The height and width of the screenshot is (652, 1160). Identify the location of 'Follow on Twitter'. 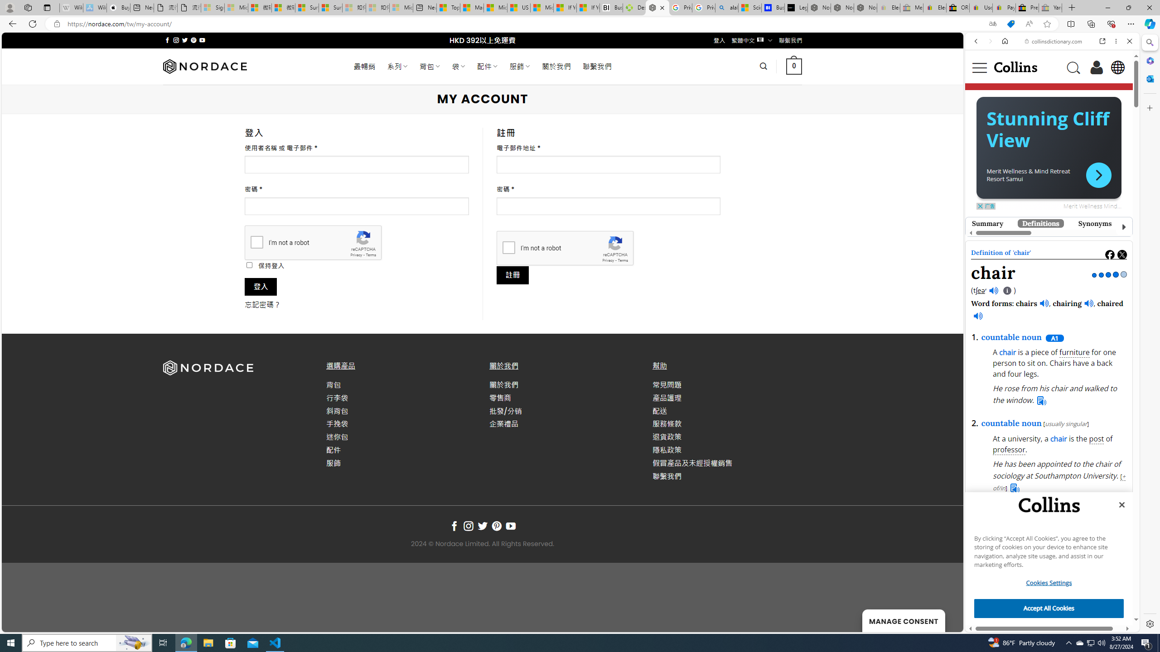
(482, 526).